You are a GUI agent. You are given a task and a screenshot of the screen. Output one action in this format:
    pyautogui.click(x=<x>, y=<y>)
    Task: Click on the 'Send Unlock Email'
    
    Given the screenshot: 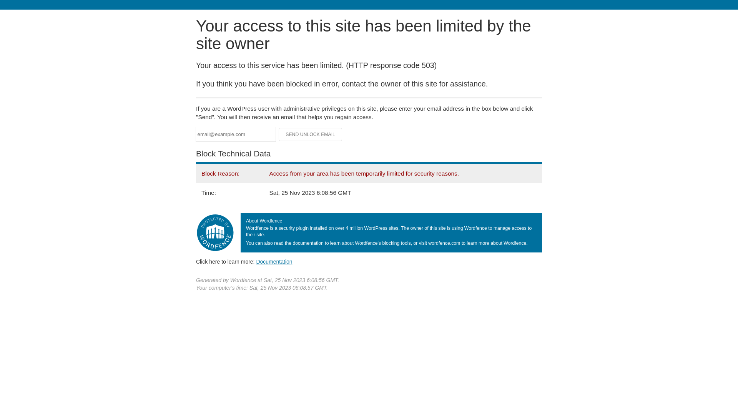 What is the action you would take?
    pyautogui.click(x=278, y=134)
    